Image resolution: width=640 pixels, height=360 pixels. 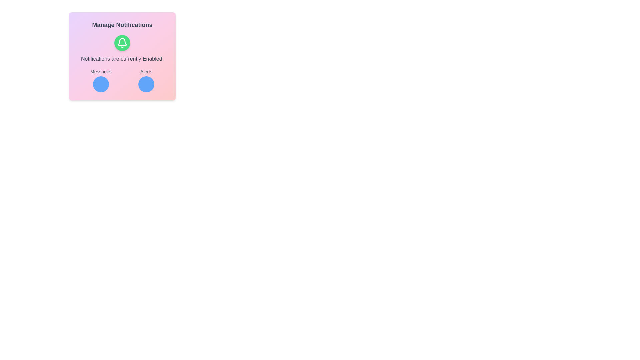 I want to click on the bell icon representing notification settings located in the center of the notification settings panel, directly below 'Manage Notifications', so click(x=122, y=43).